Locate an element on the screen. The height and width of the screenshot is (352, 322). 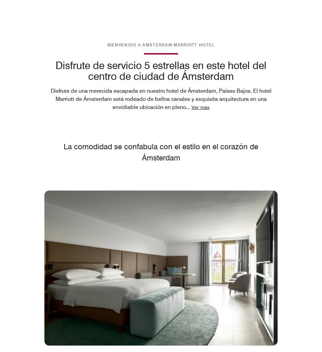
'Restaurantes' is located at coordinates (58, 205).